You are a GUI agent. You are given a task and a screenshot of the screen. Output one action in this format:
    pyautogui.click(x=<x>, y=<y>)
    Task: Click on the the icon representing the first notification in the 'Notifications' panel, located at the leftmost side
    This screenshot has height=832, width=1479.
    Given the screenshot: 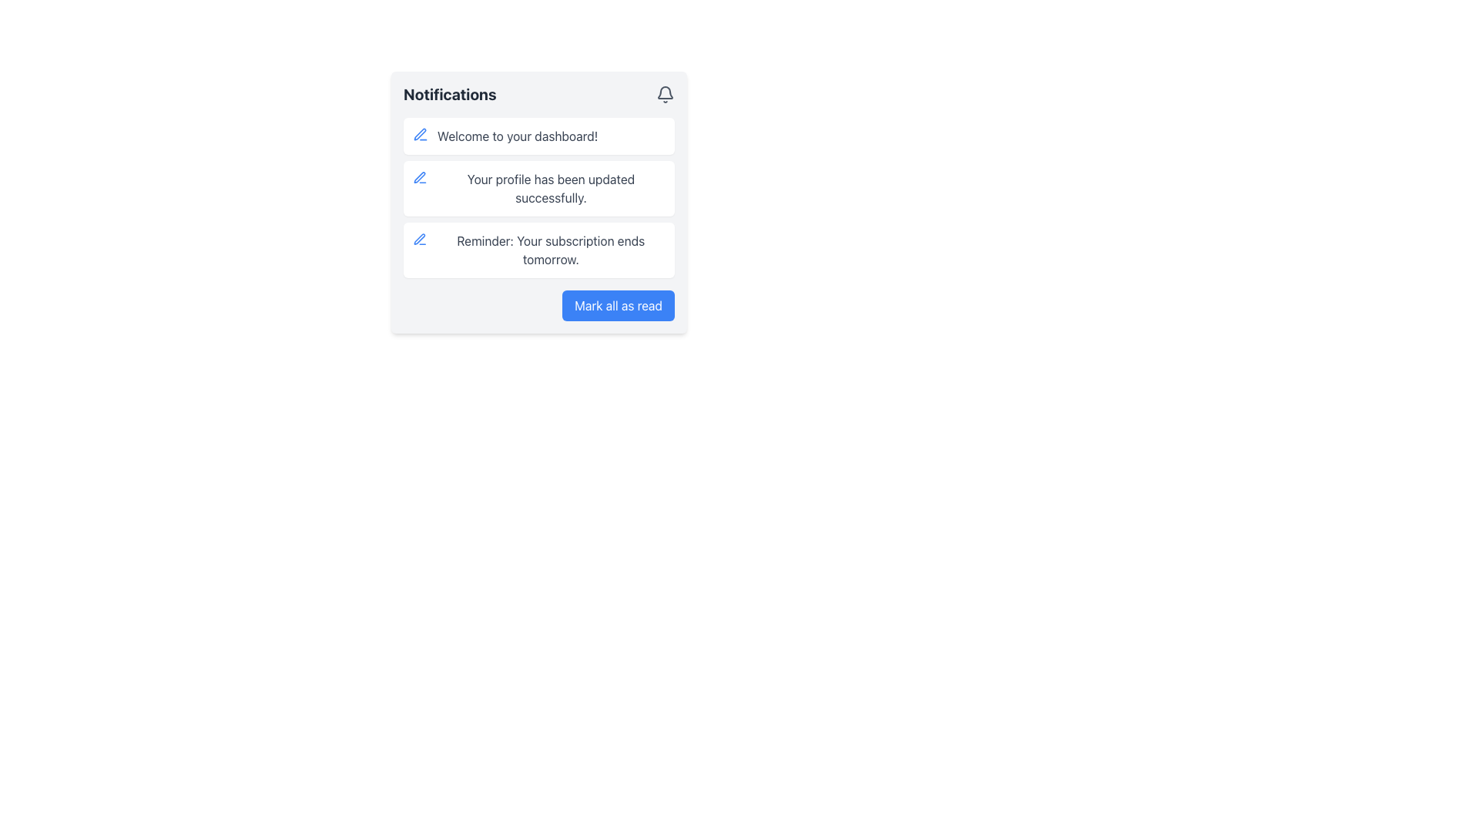 What is the action you would take?
    pyautogui.click(x=421, y=133)
    